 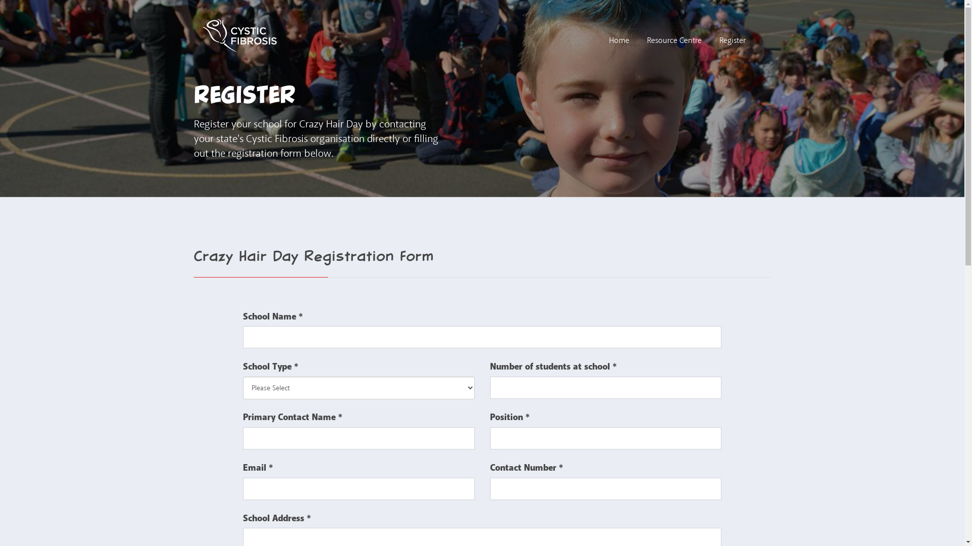 I want to click on 'Resource Centre', so click(x=646, y=40).